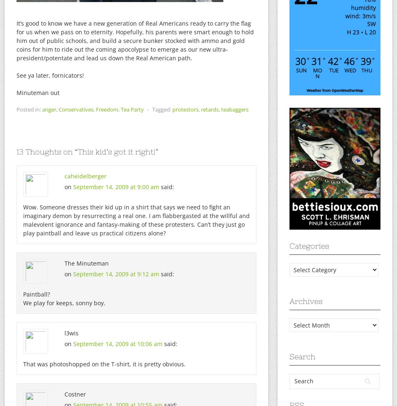 The height and width of the screenshot is (406, 397). Describe the element at coordinates (76, 109) in the screenshot. I see `'Conservatives'` at that location.